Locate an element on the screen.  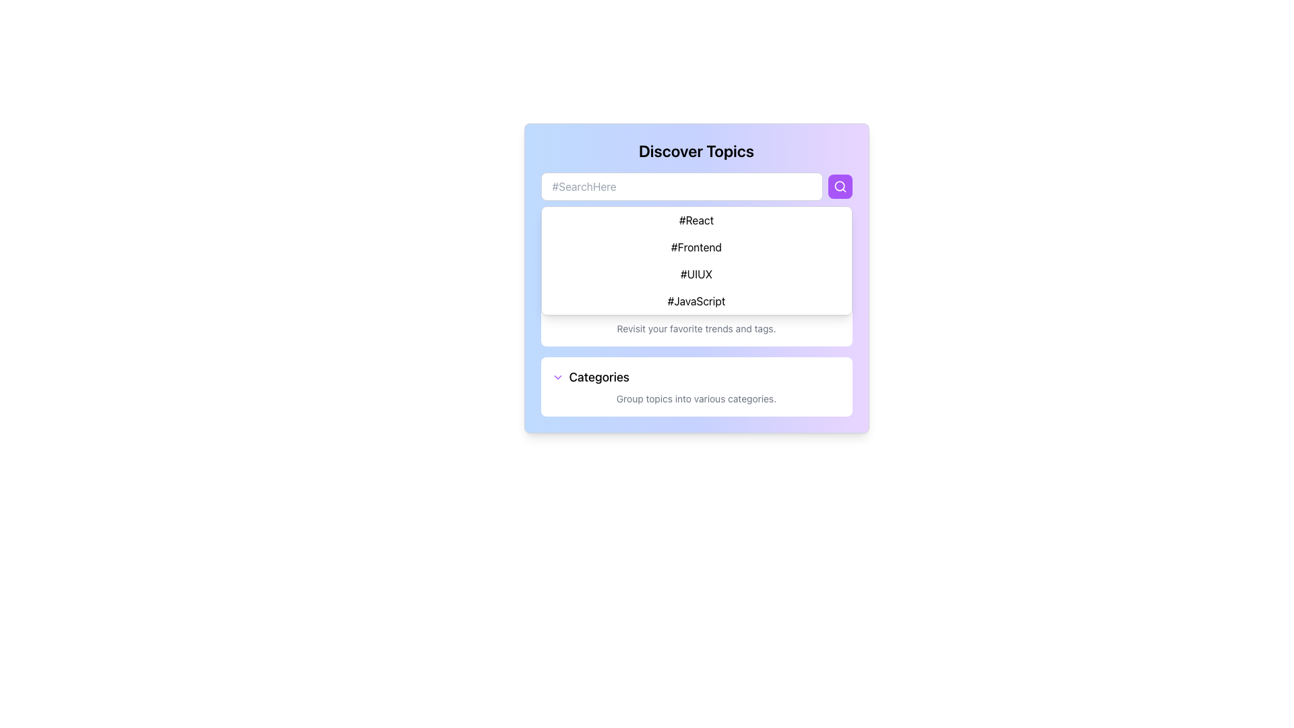
the hashtag in the dropdown list located below the search bar is located at coordinates (696, 260).